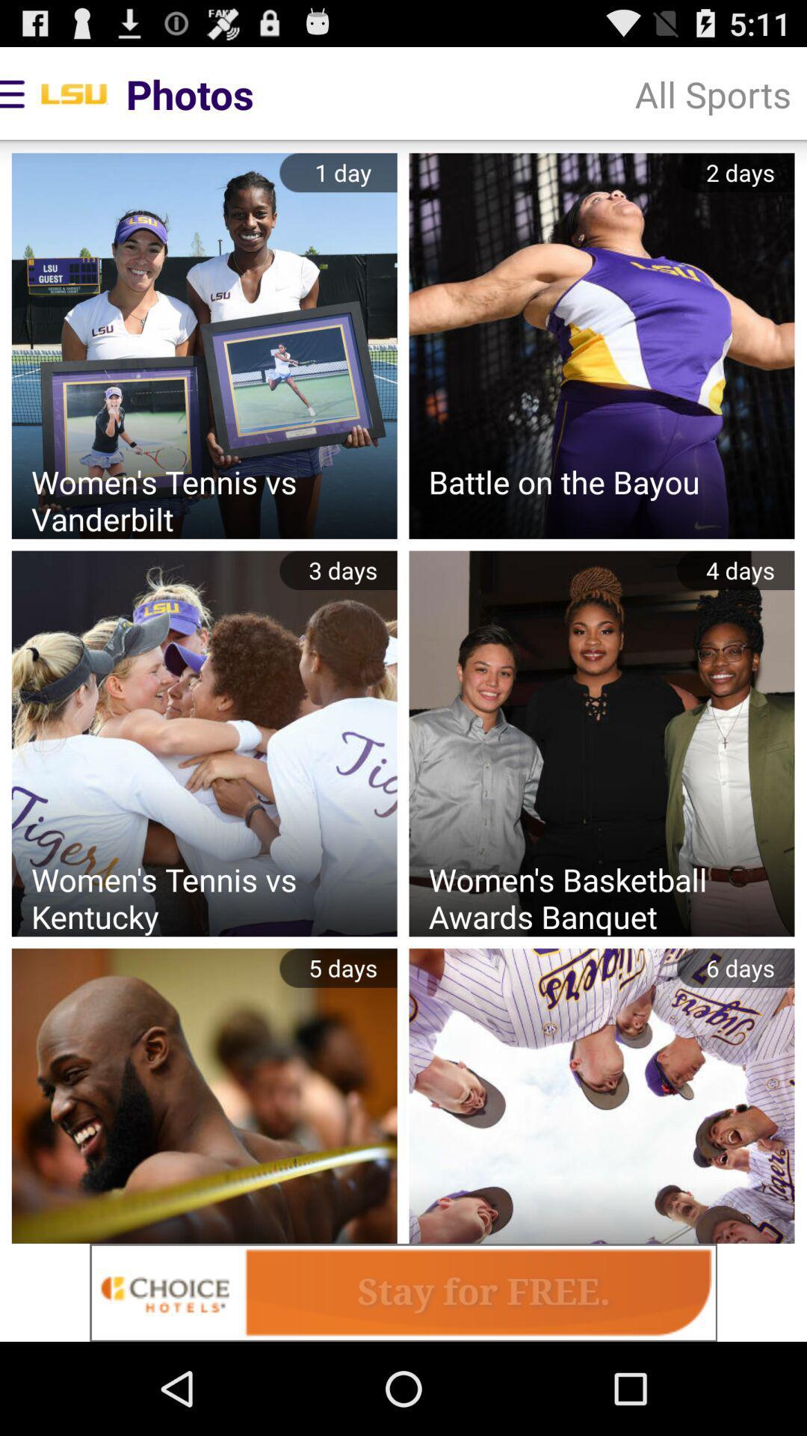  I want to click on advertisement page, so click(403, 1292).